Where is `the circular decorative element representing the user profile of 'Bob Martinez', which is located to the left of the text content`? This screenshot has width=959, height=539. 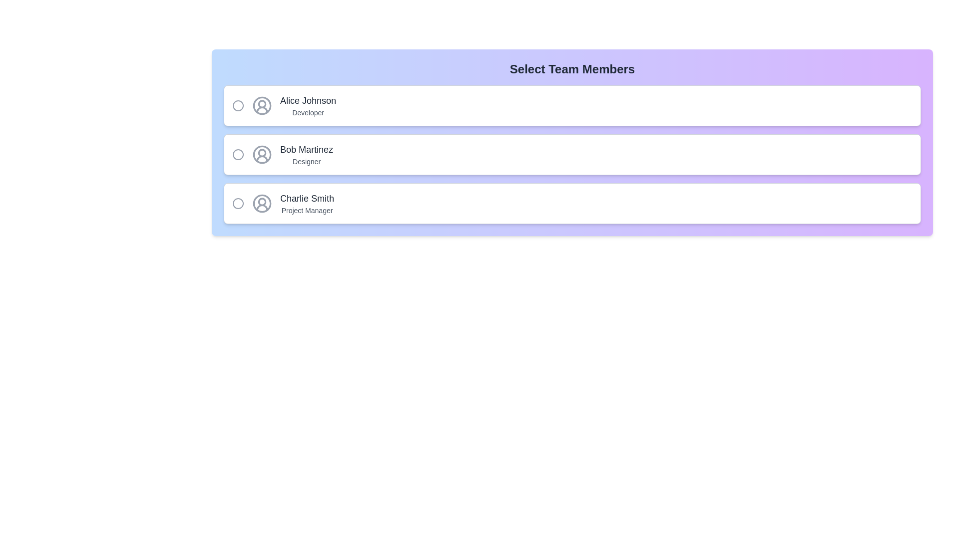
the circular decorative element representing the user profile of 'Bob Martinez', which is located to the left of the text content is located at coordinates (262, 152).